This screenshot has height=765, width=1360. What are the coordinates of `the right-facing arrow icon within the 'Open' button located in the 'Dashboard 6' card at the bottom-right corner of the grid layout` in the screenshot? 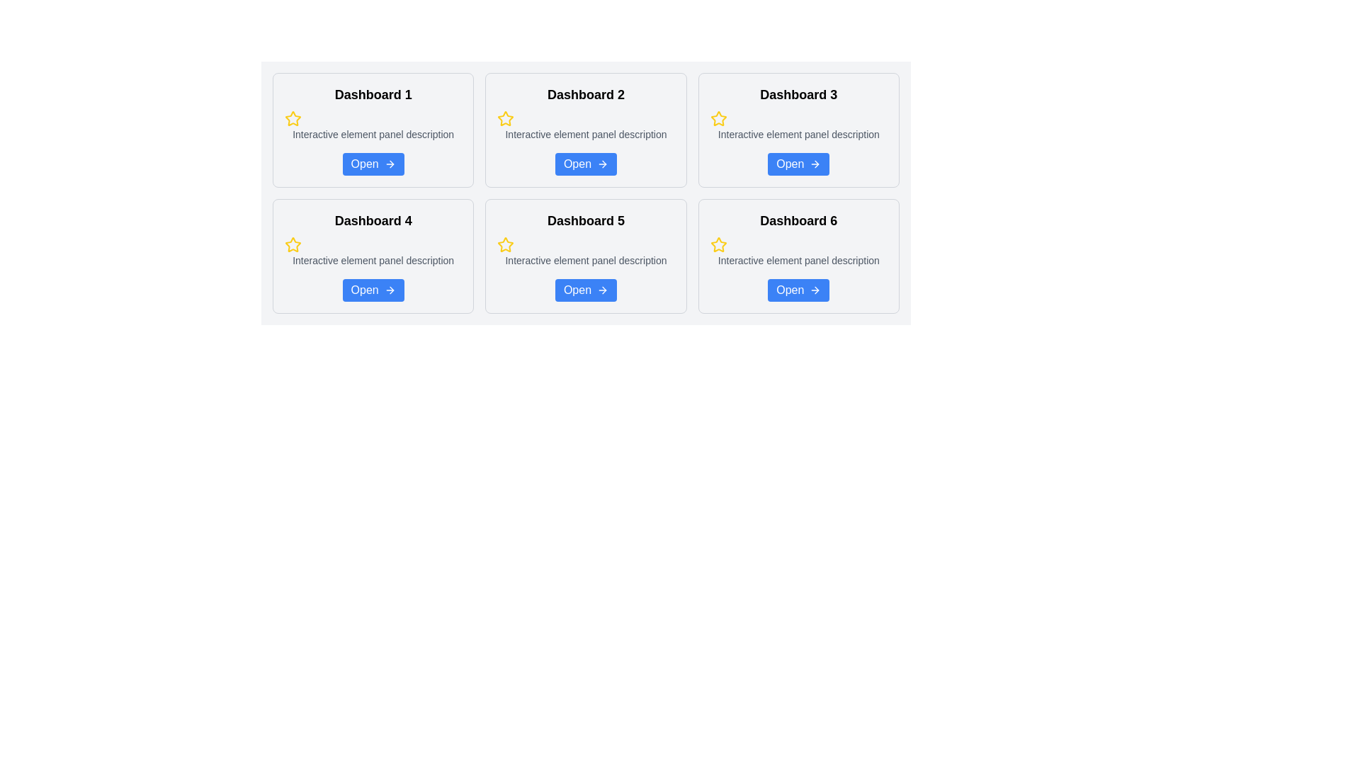 It's located at (817, 289).